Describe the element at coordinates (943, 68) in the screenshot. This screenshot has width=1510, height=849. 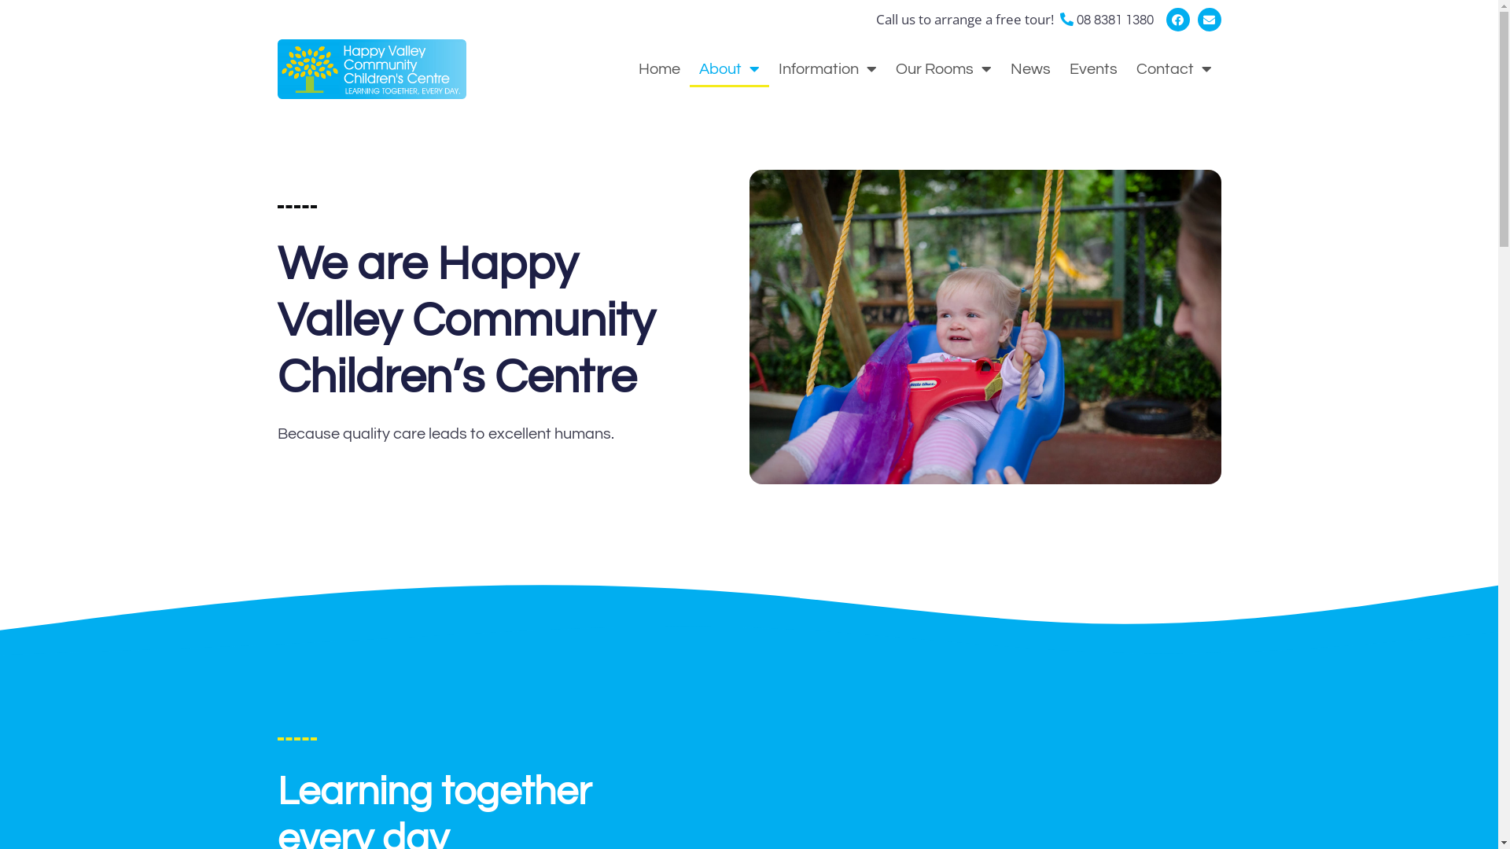
I see `'Our Rooms'` at that location.